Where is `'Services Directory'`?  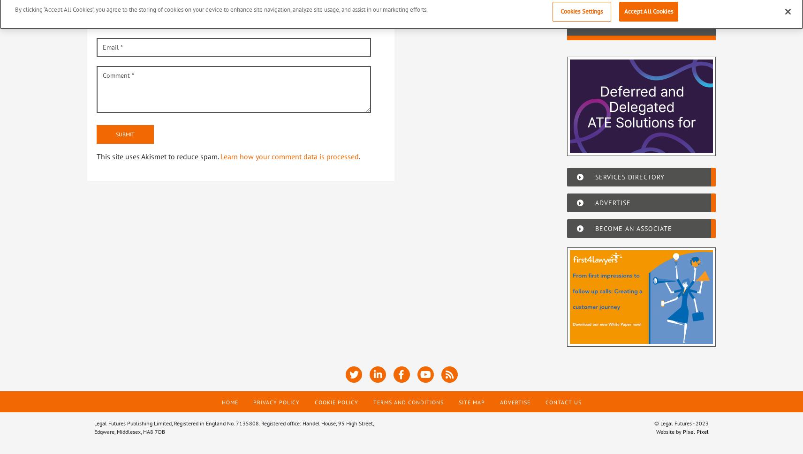
'Services Directory' is located at coordinates (629, 176).